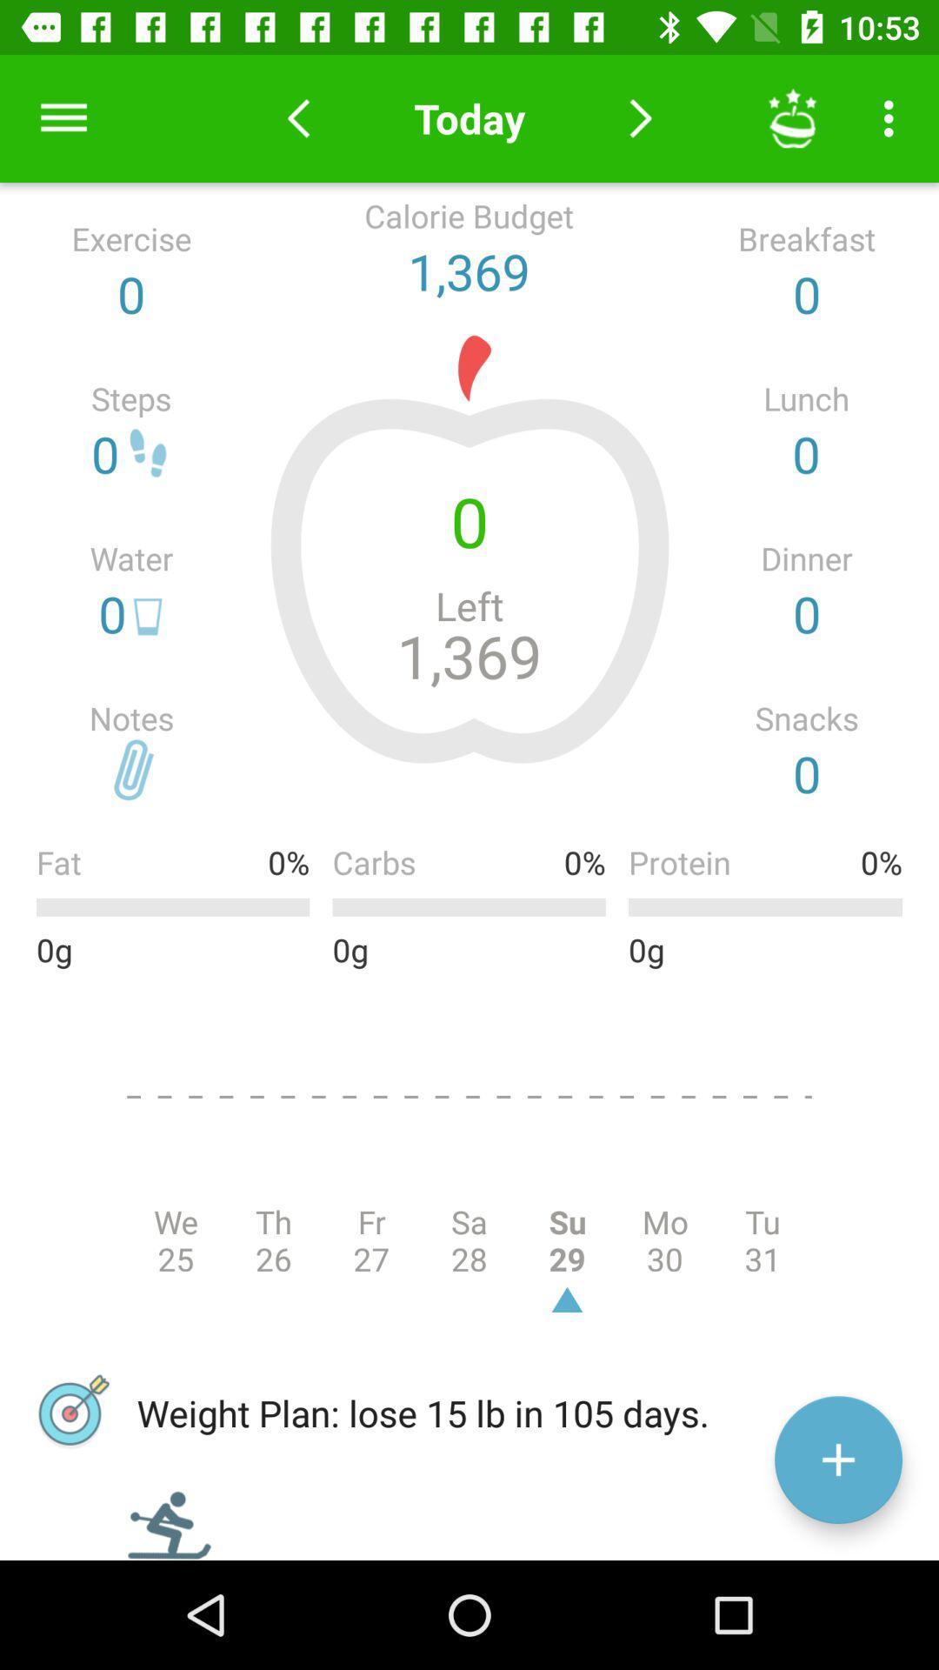  I want to click on weight loss info, so click(837, 1460).